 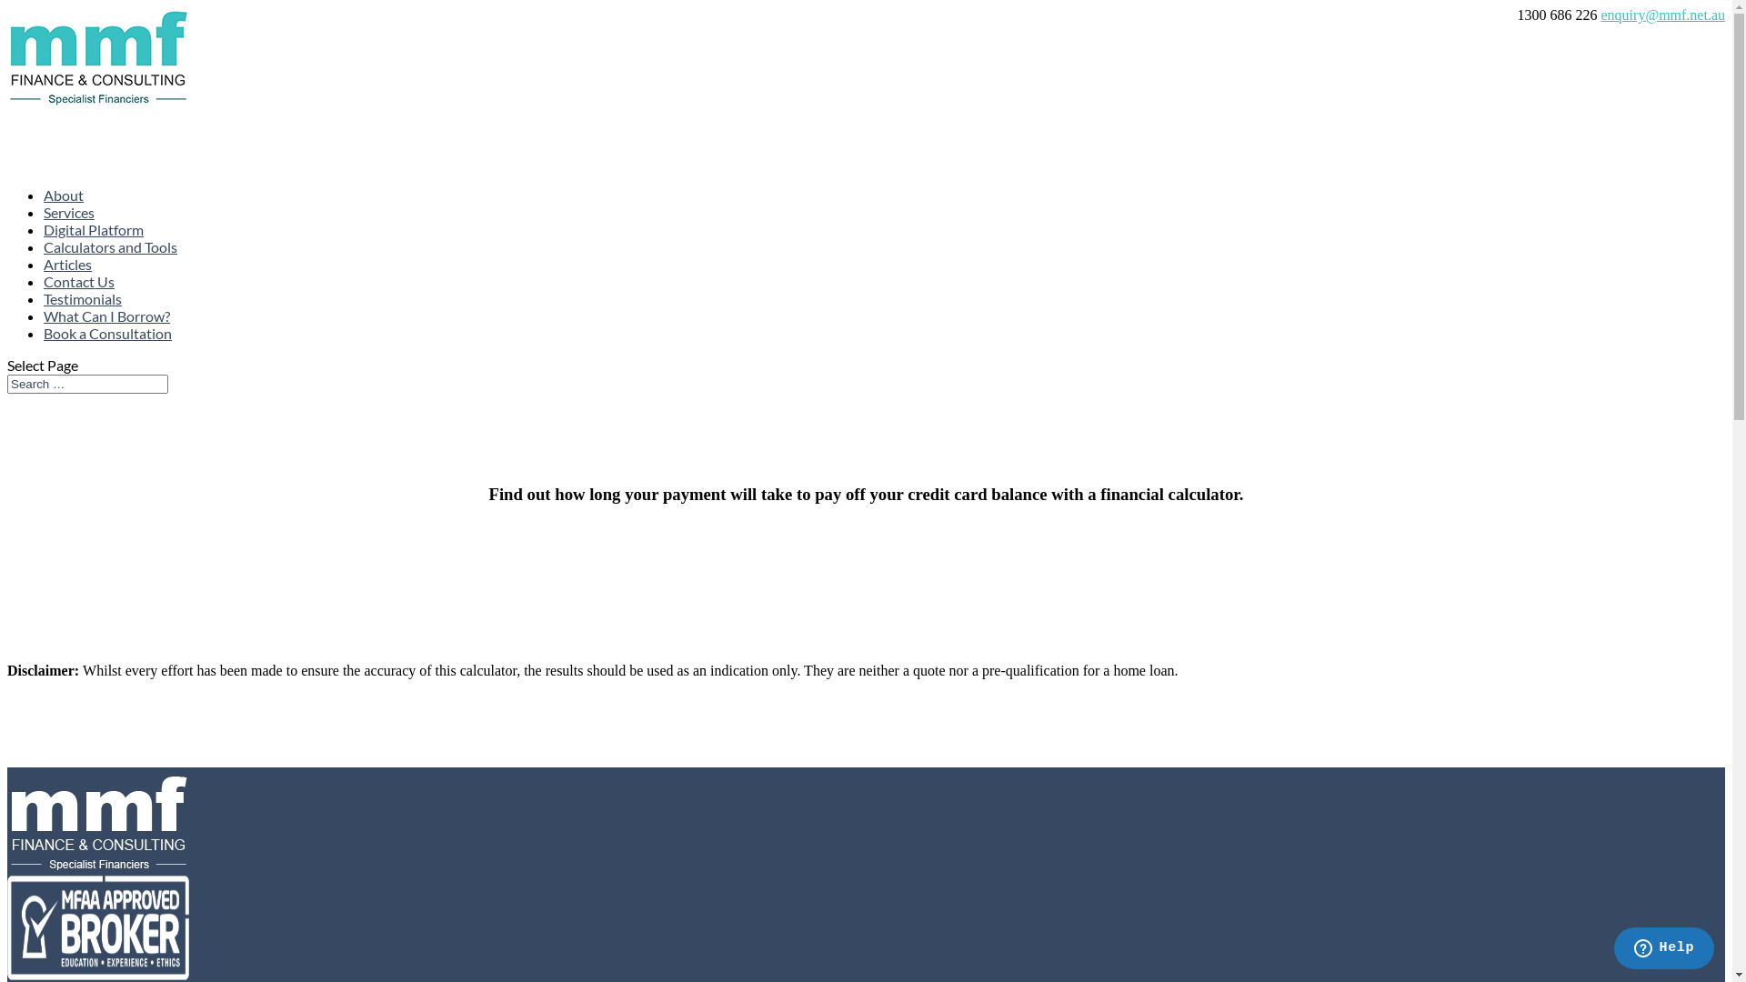 What do you see at coordinates (44, 258) in the screenshot?
I see `'Digital Platform'` at bounding box center [44, 258].